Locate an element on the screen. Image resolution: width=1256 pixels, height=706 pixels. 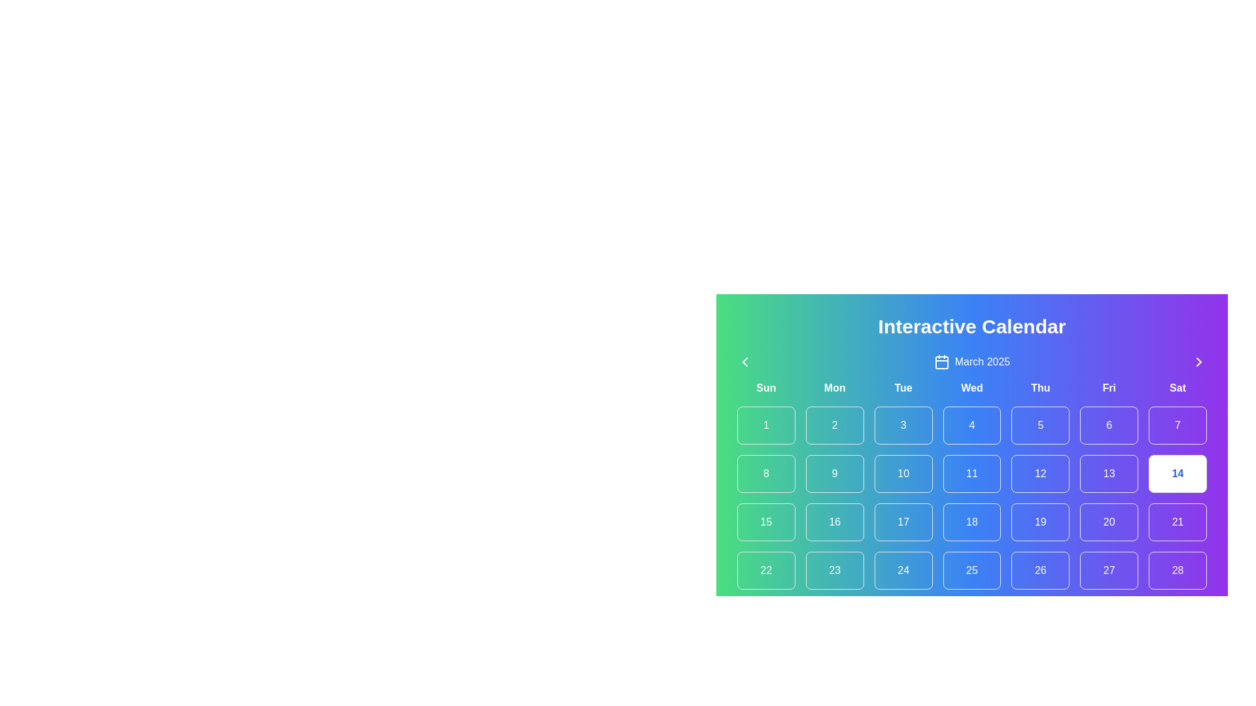
the small calendar icon located to the left of the text 'March 2025' in the header section of the calendar interface is located at coordinates (941, 362).